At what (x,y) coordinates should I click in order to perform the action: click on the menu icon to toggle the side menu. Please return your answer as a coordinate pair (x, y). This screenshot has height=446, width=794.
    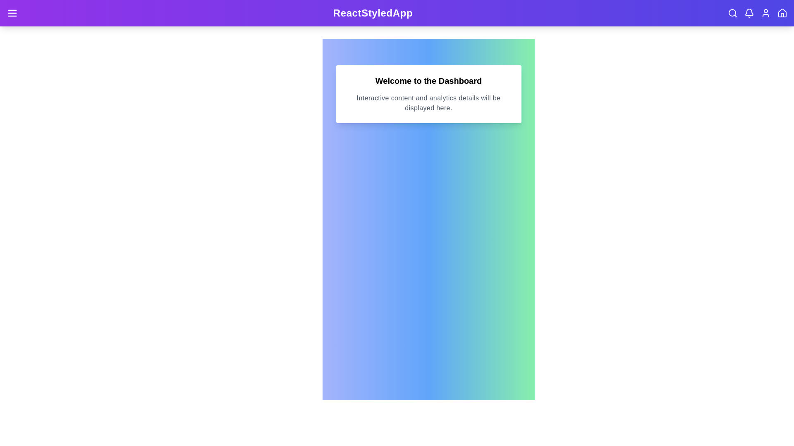
    Looking at the image, I should click on (12, 13).